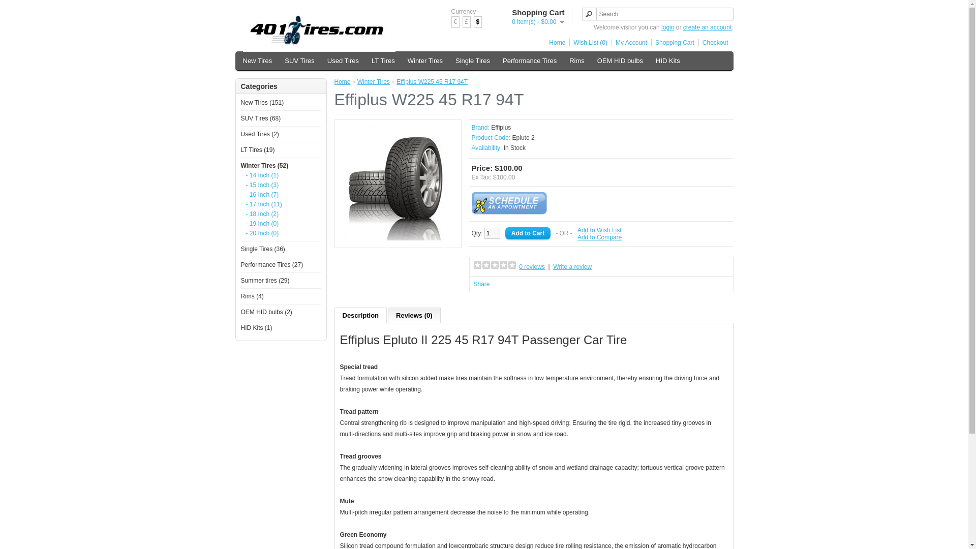  What do you see at coordinates (673, 42) in the screenshot?
I see `'Shopping Cart'` at bounding box center [673, 42].